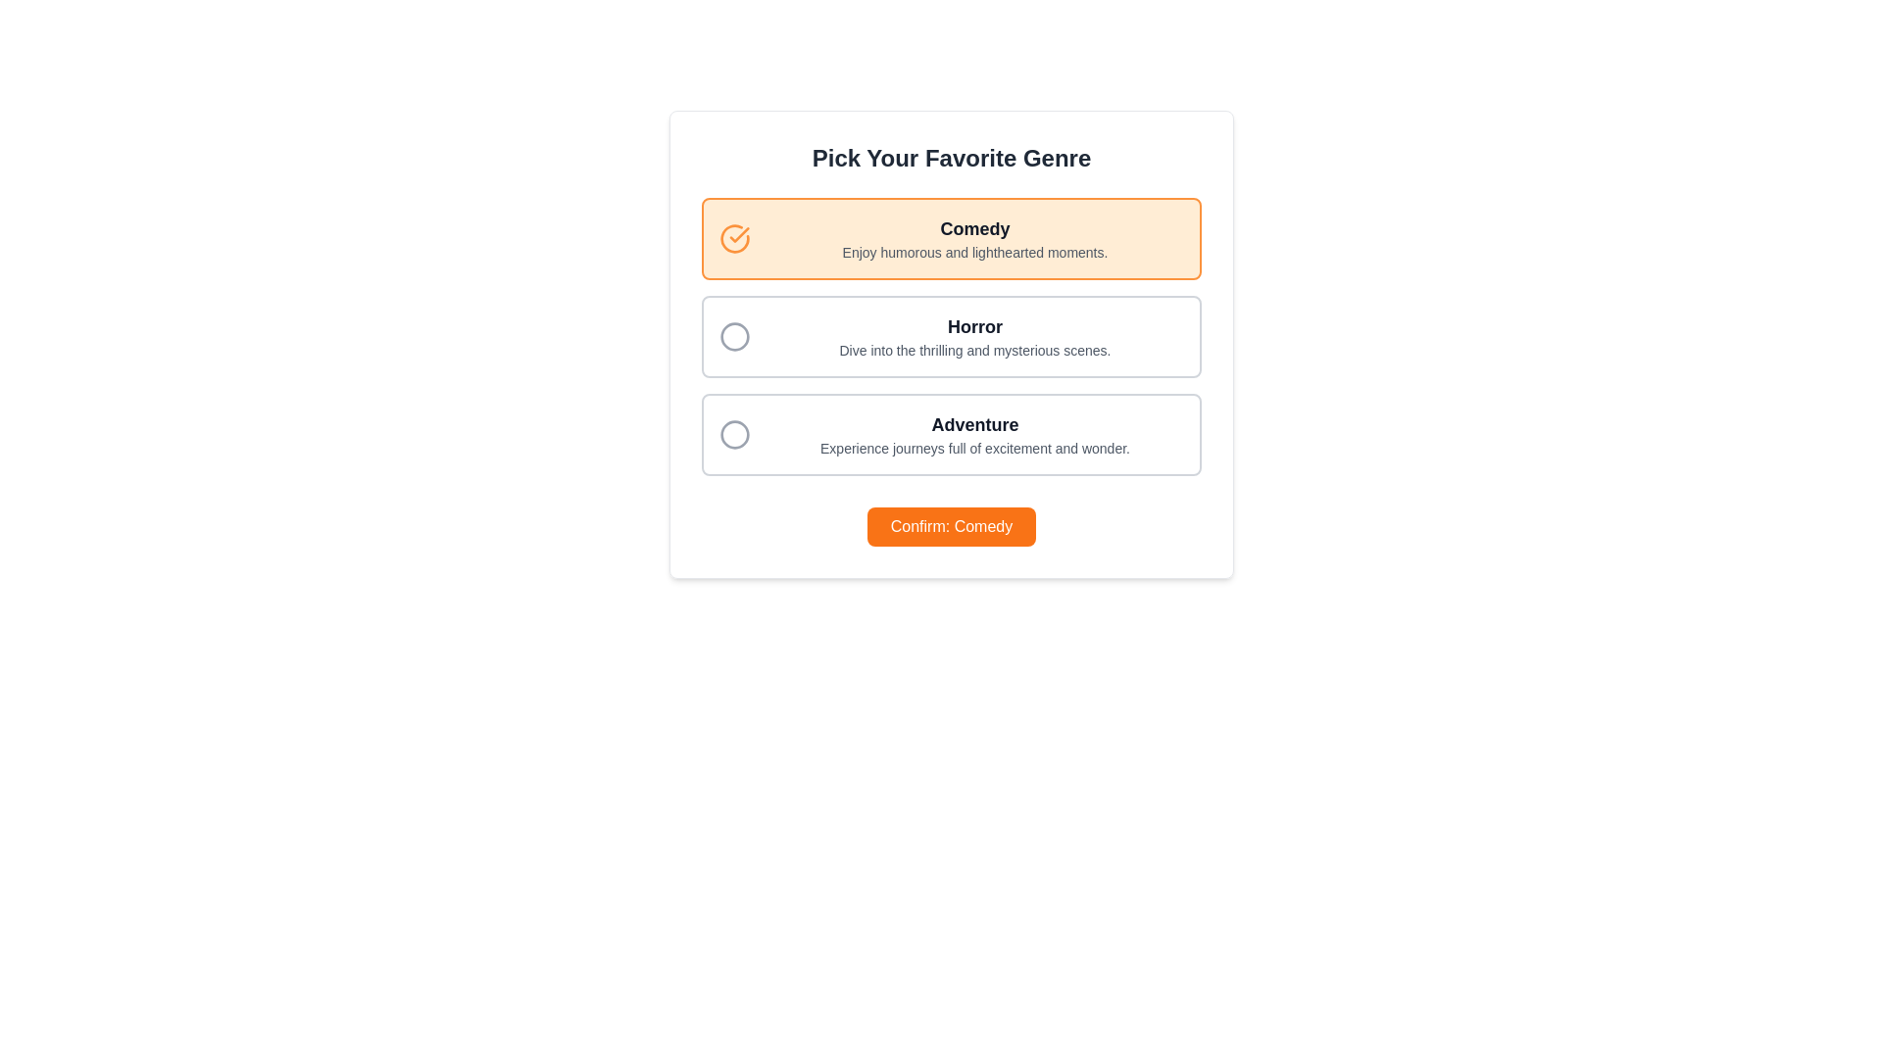  I want to click on the 'Comedy' genre confirmation button located at the bottom center of the interface to observe a visual change, so click(951, 525).